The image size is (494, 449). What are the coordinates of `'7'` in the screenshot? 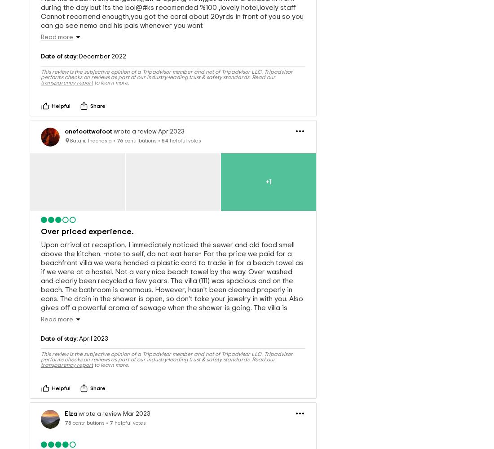 It's located at (111, 408).